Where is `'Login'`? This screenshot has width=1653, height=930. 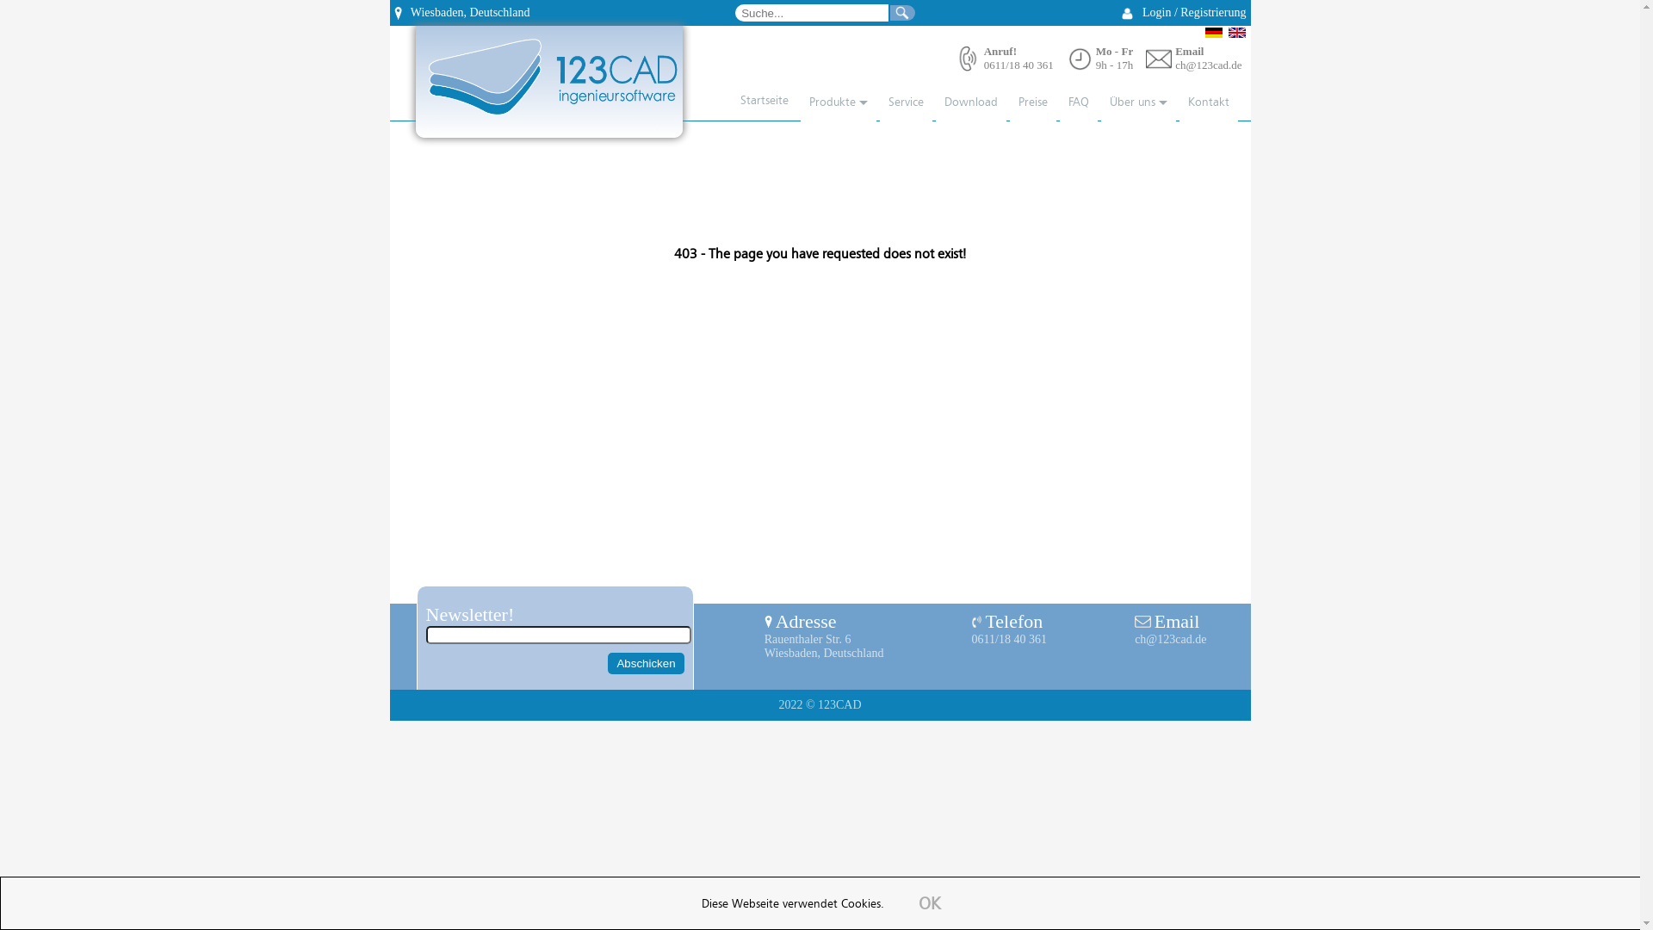 'Login' is located at coordinates (1156, 12).